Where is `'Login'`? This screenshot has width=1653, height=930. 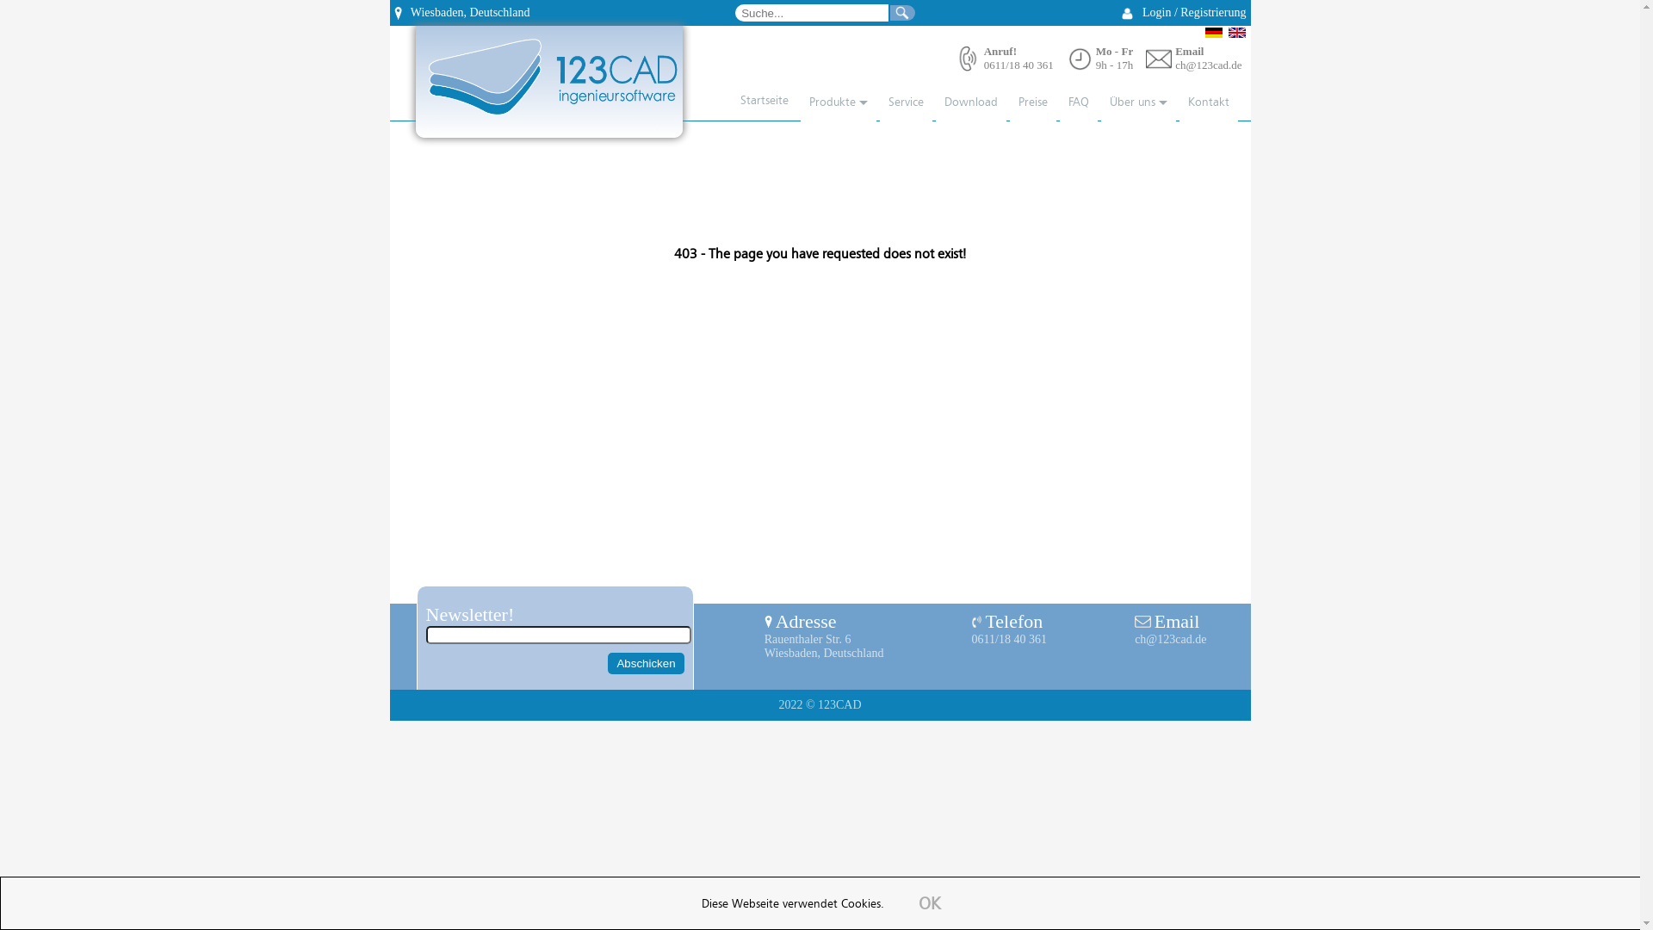 'Login' is located at coordinates (1156, 12).